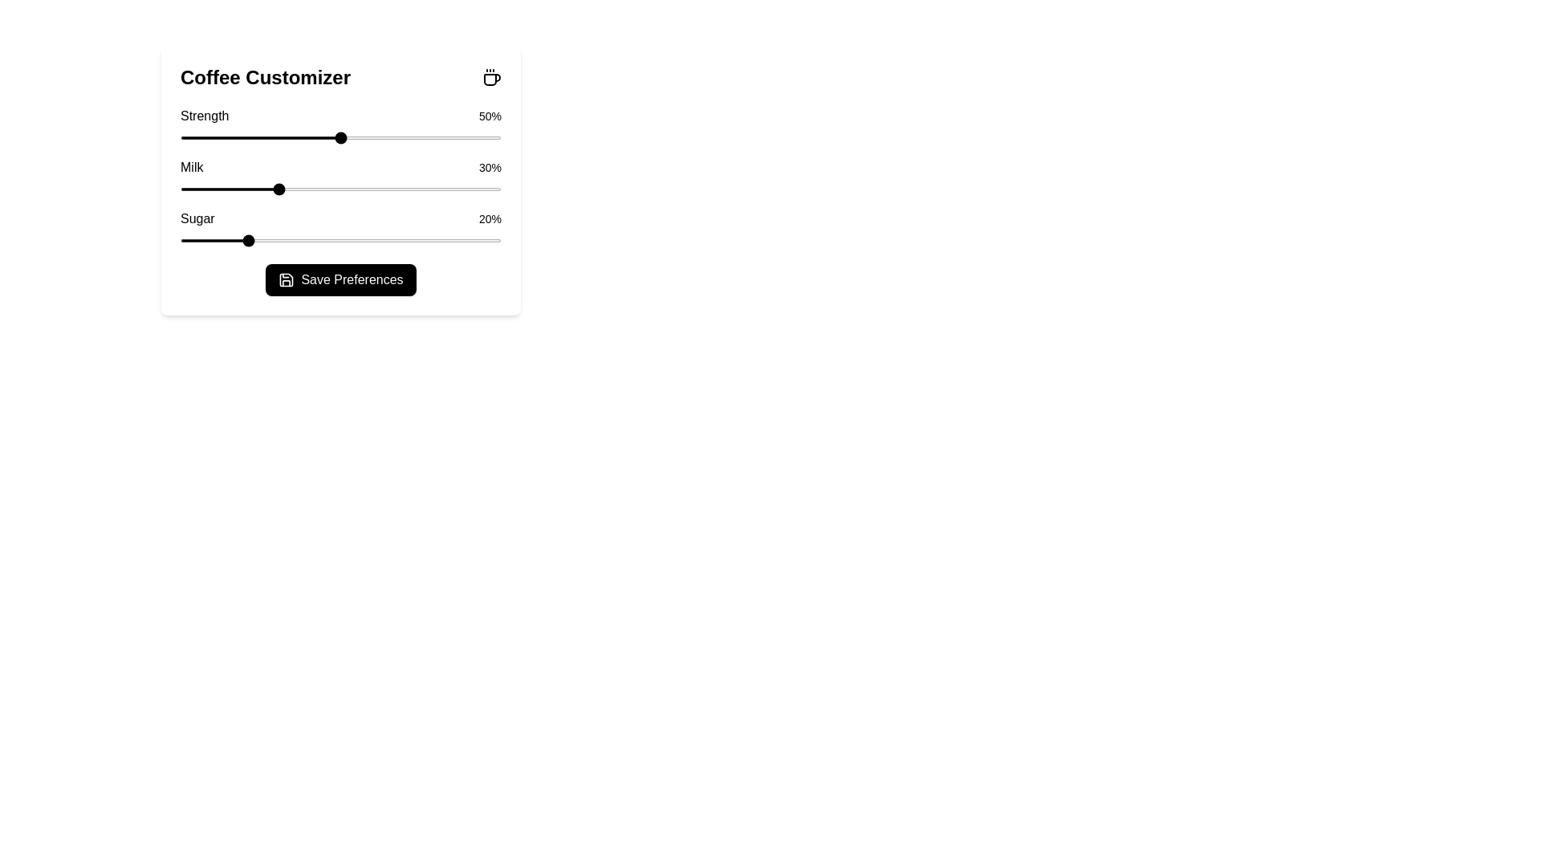  I want to click on the coffee icon located at the top-right corner of the Coffee Customizer header section, so click(491, 77).